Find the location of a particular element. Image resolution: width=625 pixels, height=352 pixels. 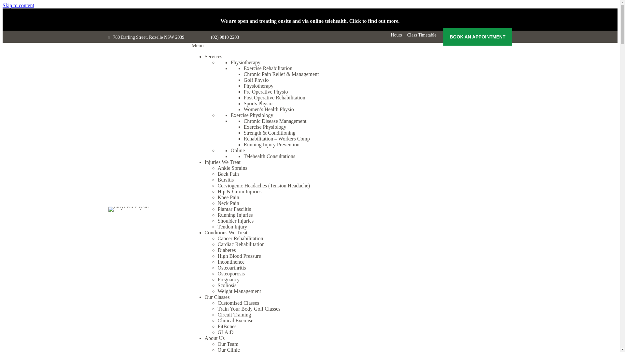

'Telehealth Consultations' is located at coordinates (269, 156).